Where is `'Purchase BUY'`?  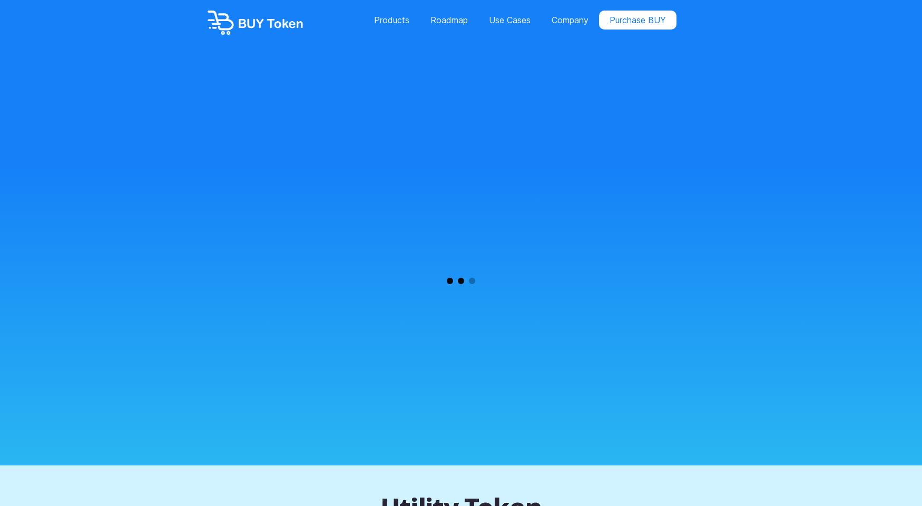
'Purchase BUY' is located at coordinates (637, 20).